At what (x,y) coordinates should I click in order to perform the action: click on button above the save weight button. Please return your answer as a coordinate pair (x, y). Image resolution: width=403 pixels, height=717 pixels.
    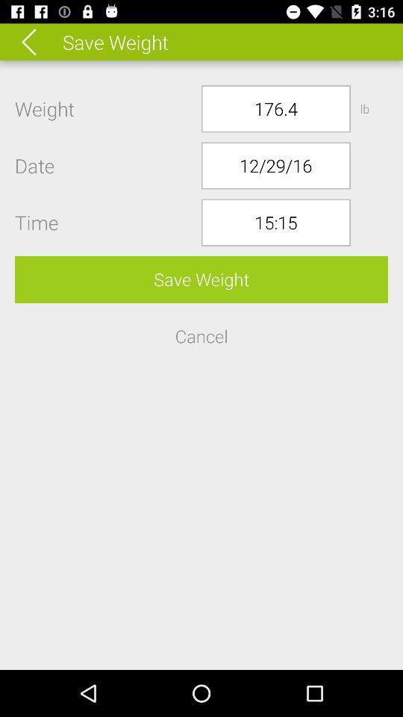
    Looking at the image, I should click on (275, 222).